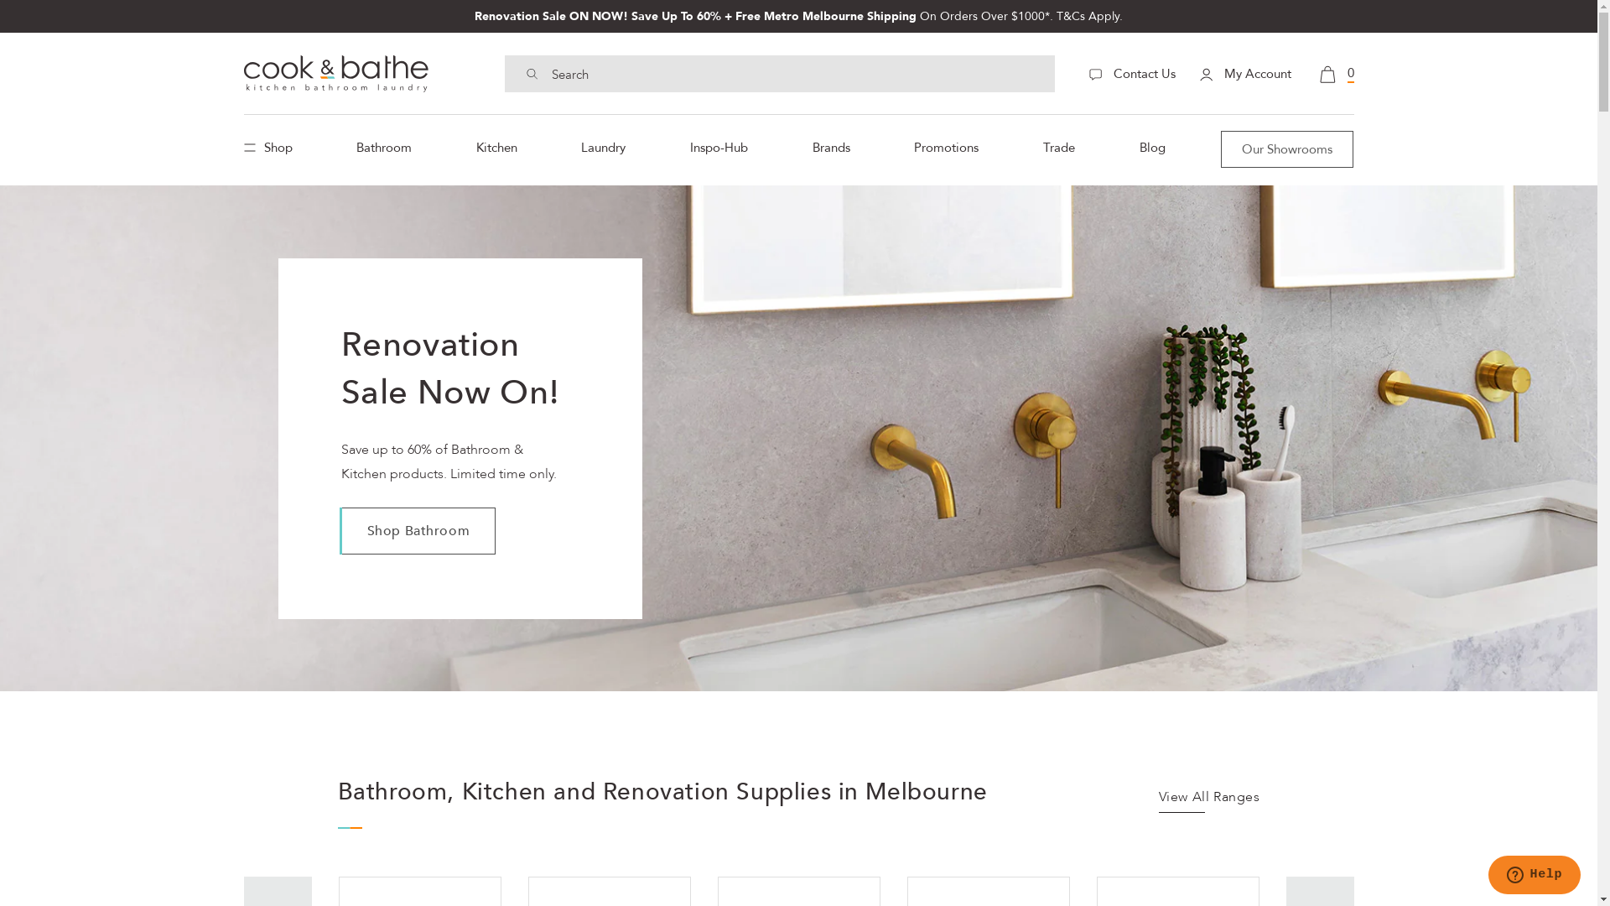 The width and height of the screenshot is (1610, 906). What do you see at coordinates (831, 147) in the screenshot?
I see `'Brands'` at bounding box center [831, 147].